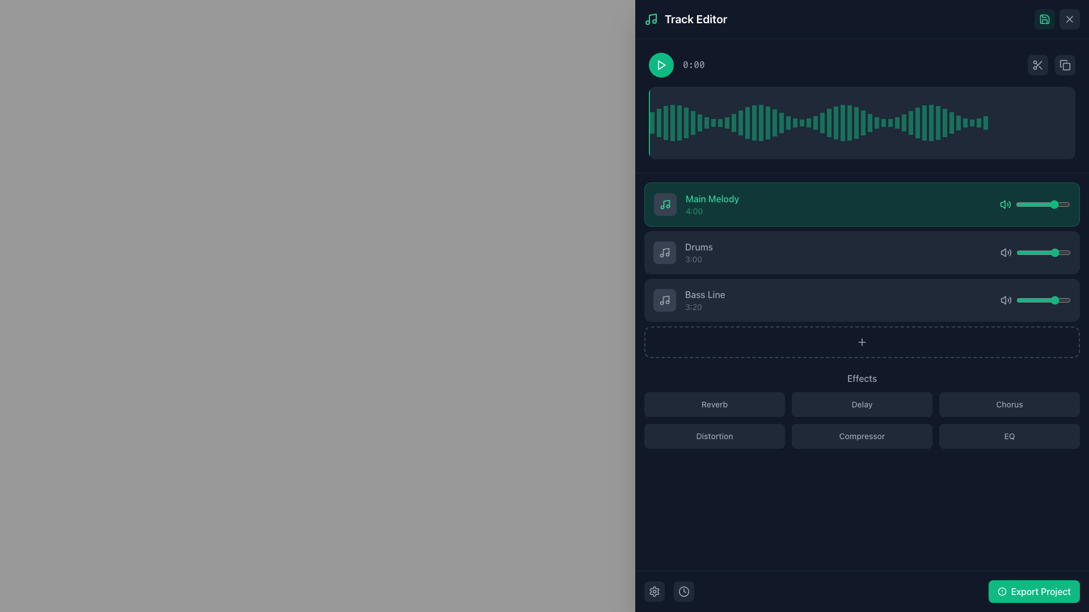 This screenshot has height=612, width=1089. What do you see at coordinates (1063, 299) in the screenshot?
I see `the volume slider` at bounding box center [1063, 299].